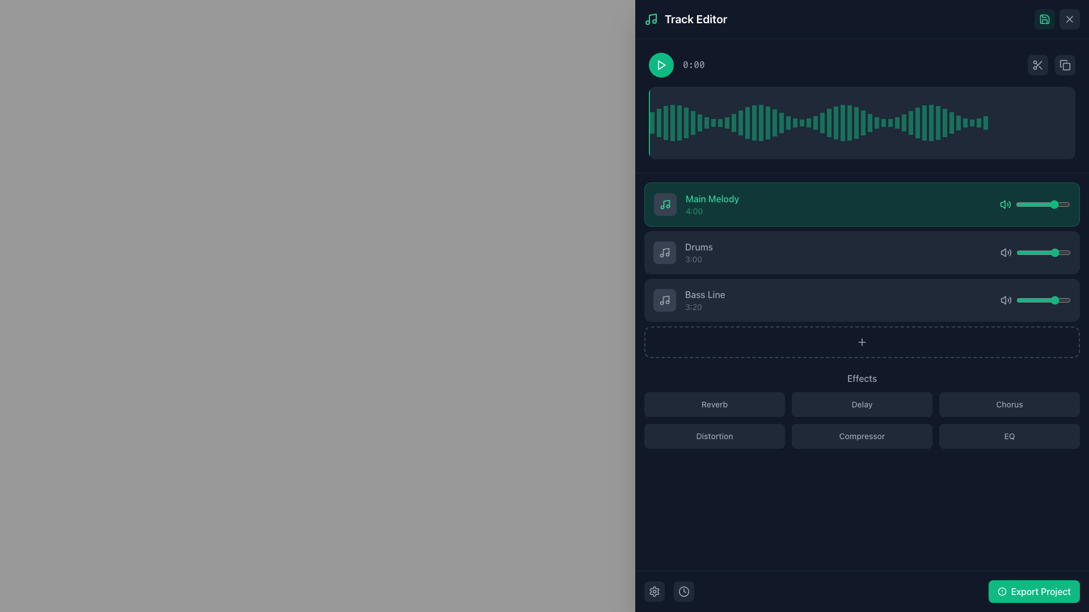 This screenshot has height=612, width=1089. What do you see at coordinates (1063, 299) in the screenshot?
I see `the volume slider` at bounding box center [1063, 299].